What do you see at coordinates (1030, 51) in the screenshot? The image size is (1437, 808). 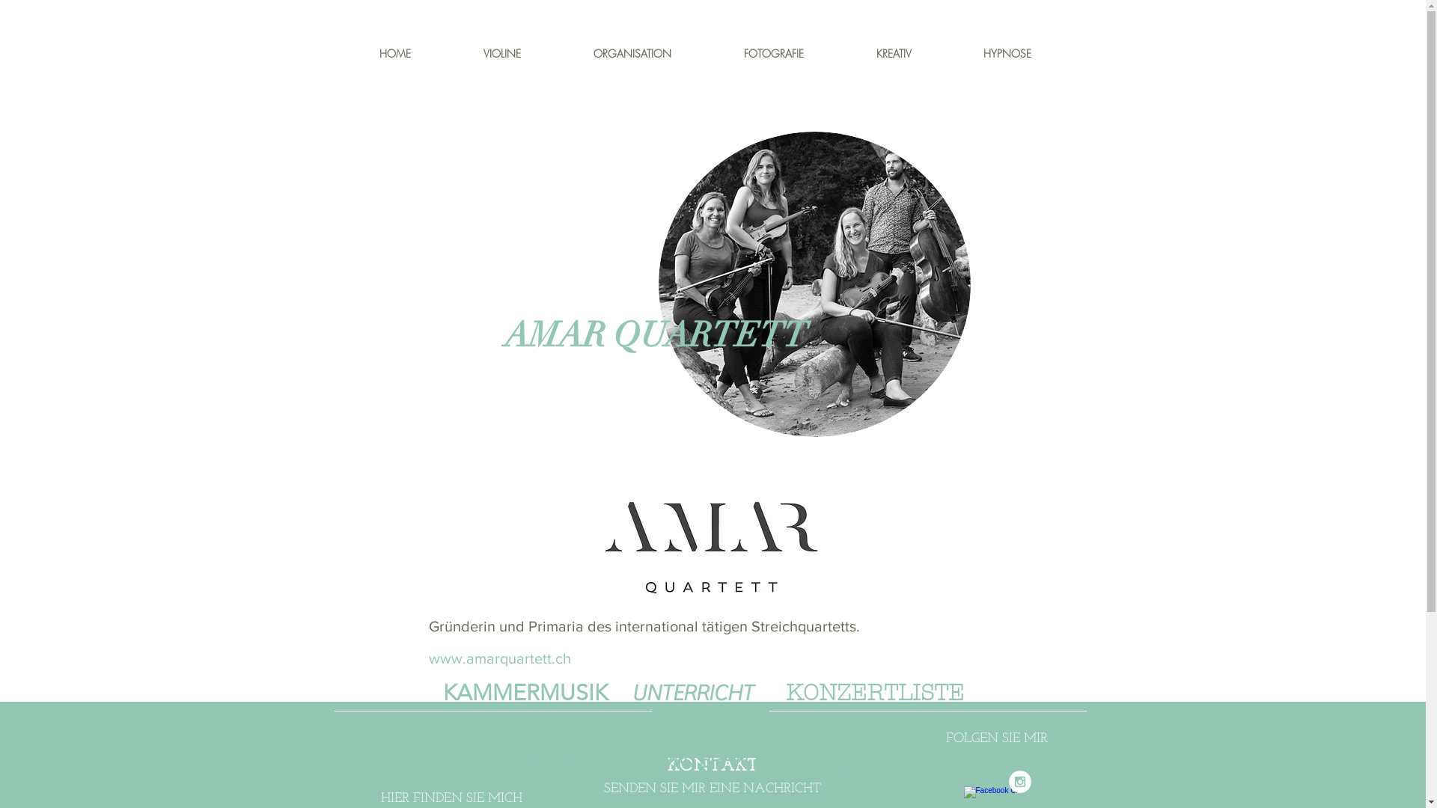 I see `'HYPNOSE'` at bounding box center [1030, 51].